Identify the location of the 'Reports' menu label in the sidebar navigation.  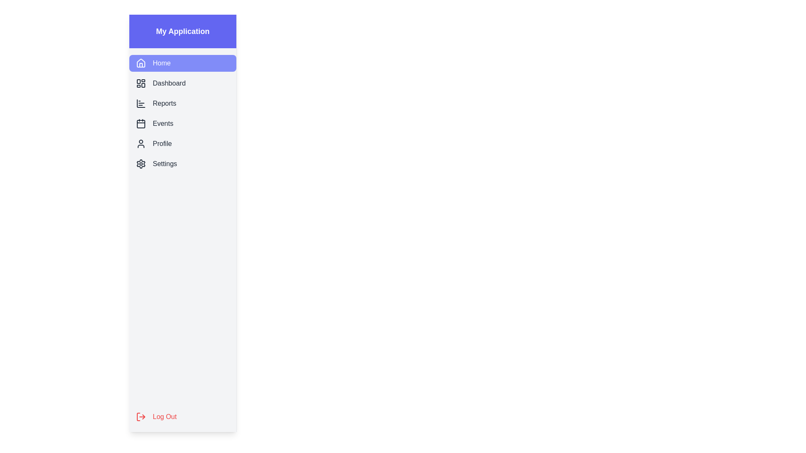
(165, 103).